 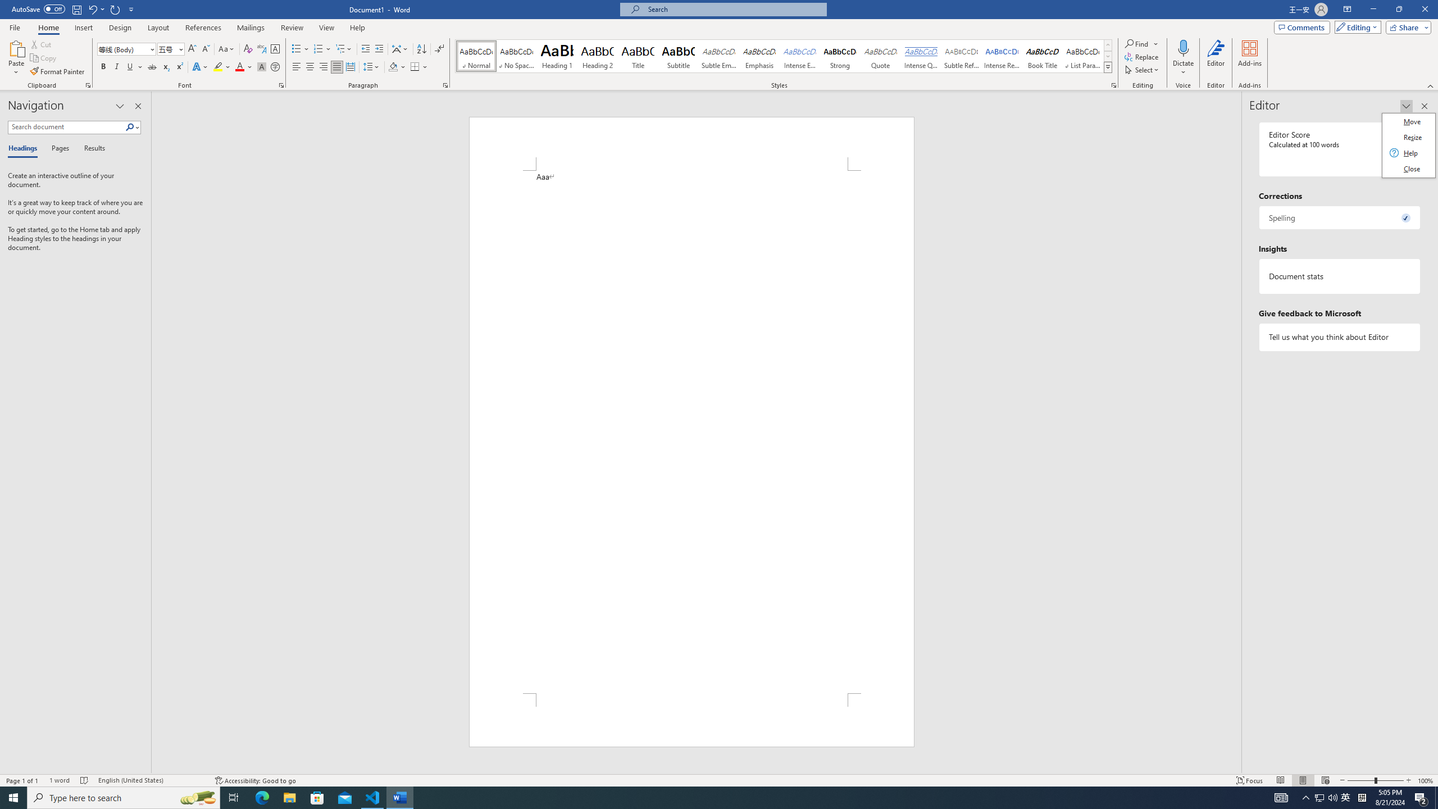 I want to click on 'Microsoft Store', so click(x=316, y=797).